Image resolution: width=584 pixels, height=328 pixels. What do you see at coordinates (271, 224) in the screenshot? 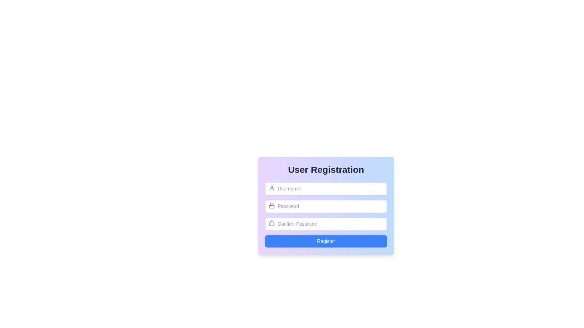
I see `the lower section of the 'lock' icon, which symbolizes security for the 'Confirm Password' input field` at bounding box center [271, 224].